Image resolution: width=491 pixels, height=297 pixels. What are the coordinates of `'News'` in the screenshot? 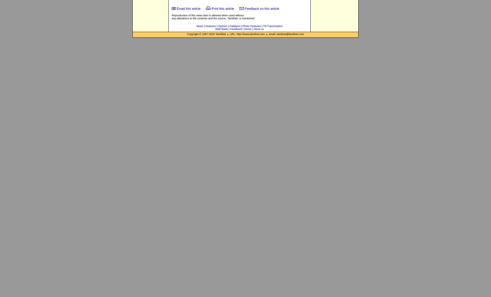 It's located at (199, 26).